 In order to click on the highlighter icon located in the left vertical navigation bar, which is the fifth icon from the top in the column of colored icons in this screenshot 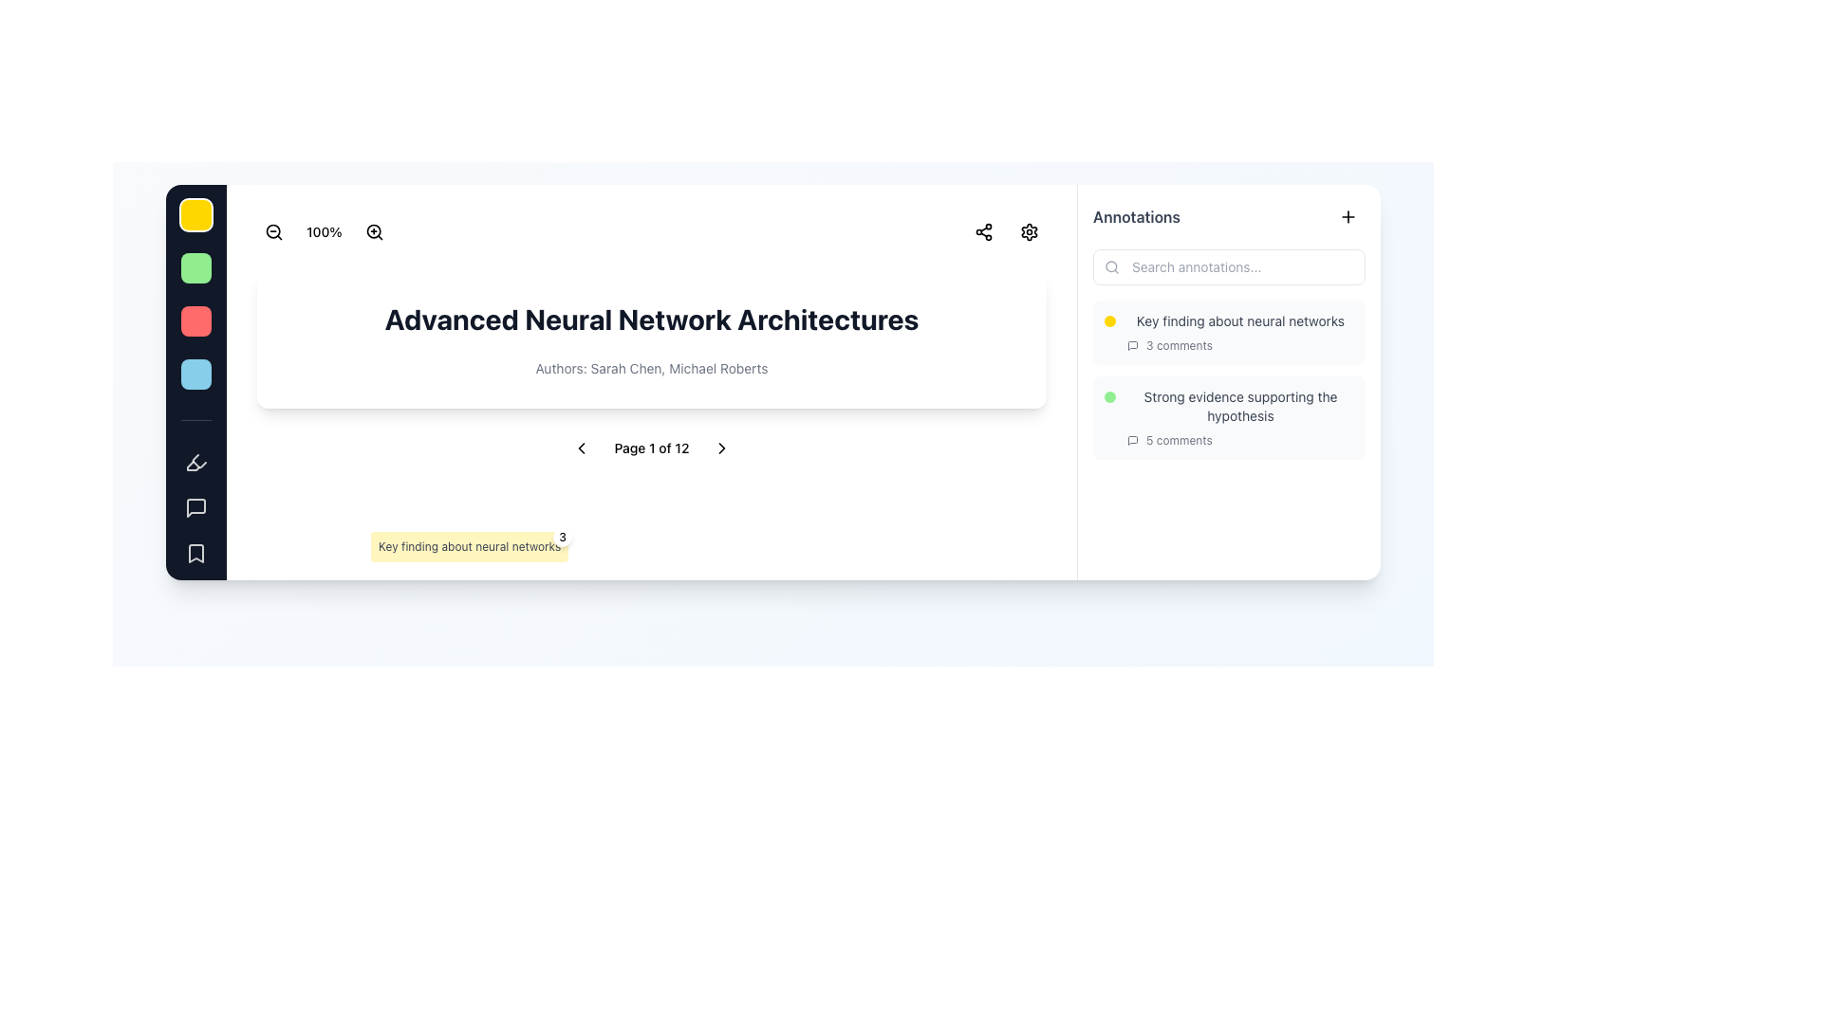, I will do `click(193, 466)`.